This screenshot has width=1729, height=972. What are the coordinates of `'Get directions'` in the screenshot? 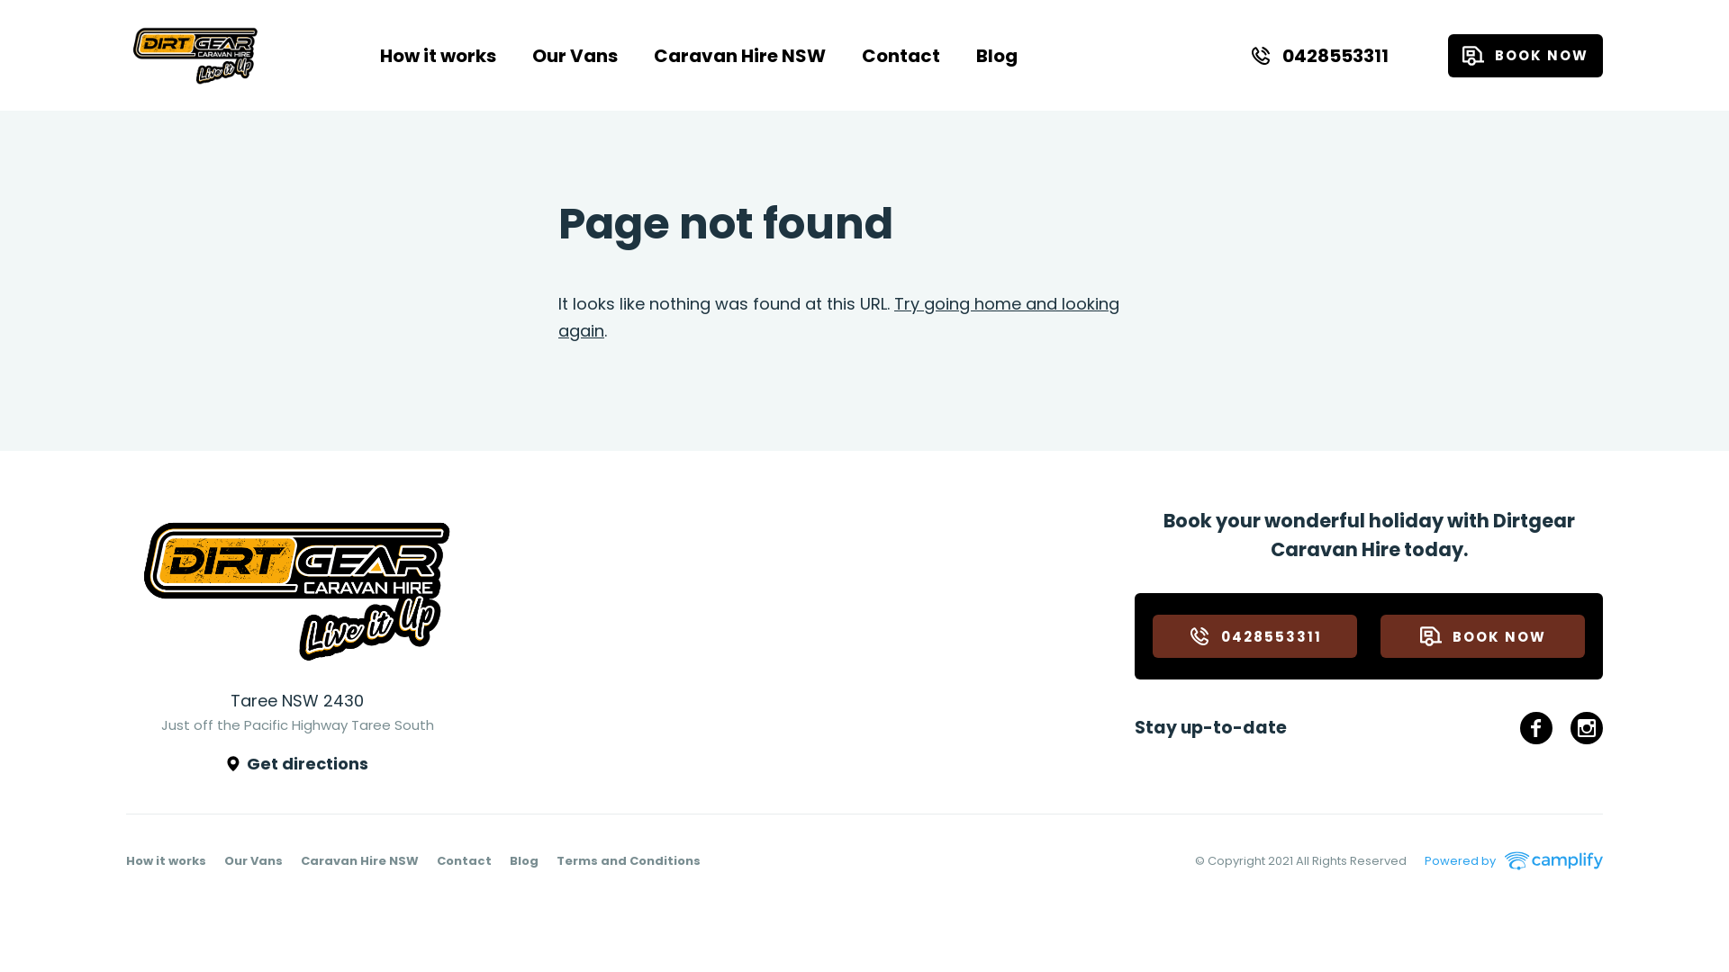 It's located at (297, 763).